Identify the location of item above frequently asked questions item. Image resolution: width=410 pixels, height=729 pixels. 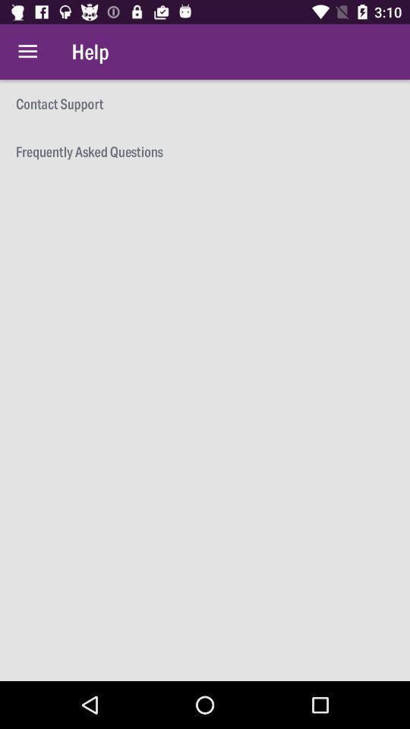
(205, 103).